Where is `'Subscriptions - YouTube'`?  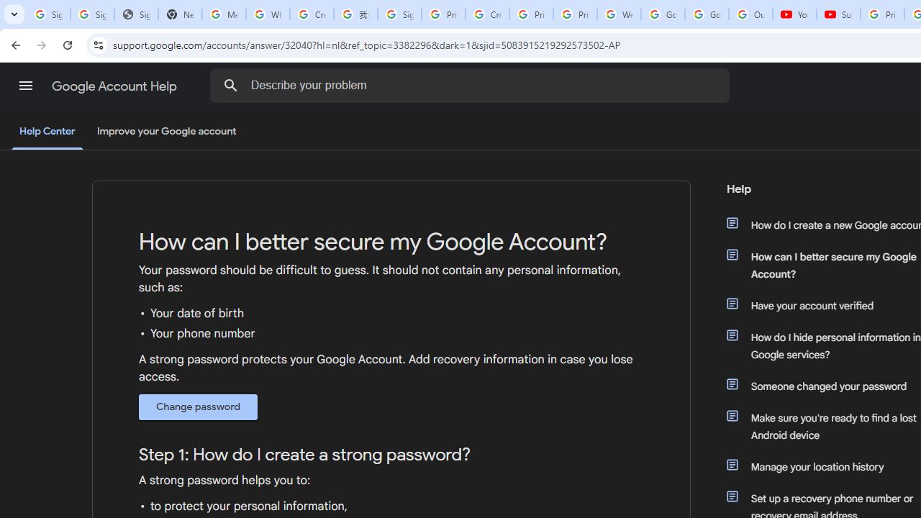 'Subscriptions - YouTube' is located at coordinates (838, 14).